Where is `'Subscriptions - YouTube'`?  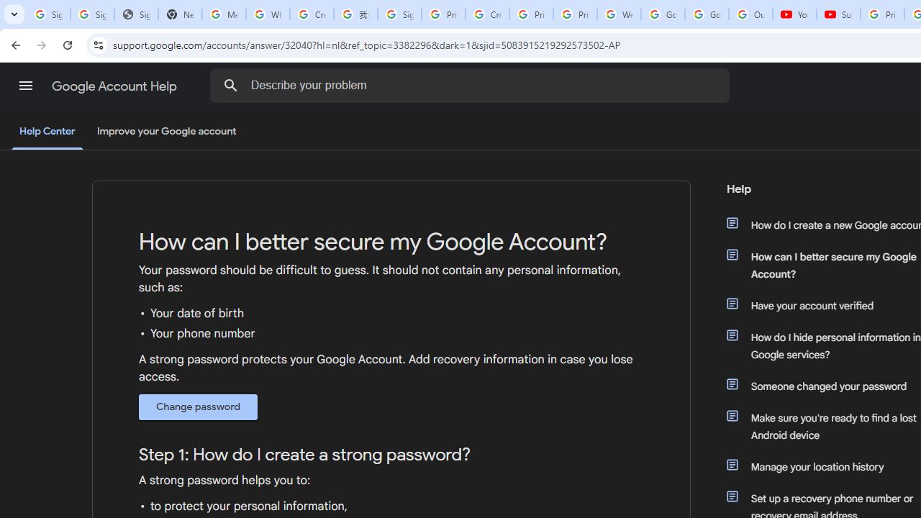 'Subscriptions - YouTube' is located at coordinates (838, 14).